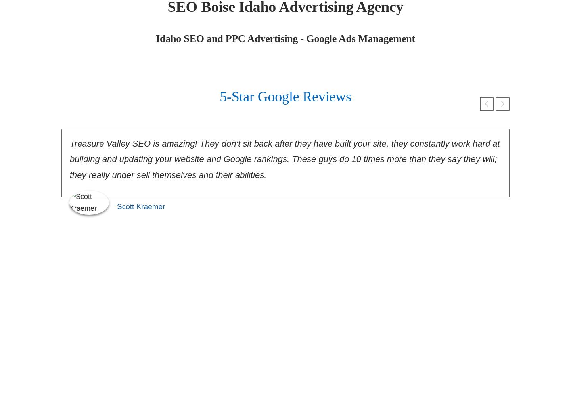 The width and height of the screenshot is (571, 418). Describe the element at coordinates (285, 399) in the screenshot. I see `'1st Page Google'` at that location.